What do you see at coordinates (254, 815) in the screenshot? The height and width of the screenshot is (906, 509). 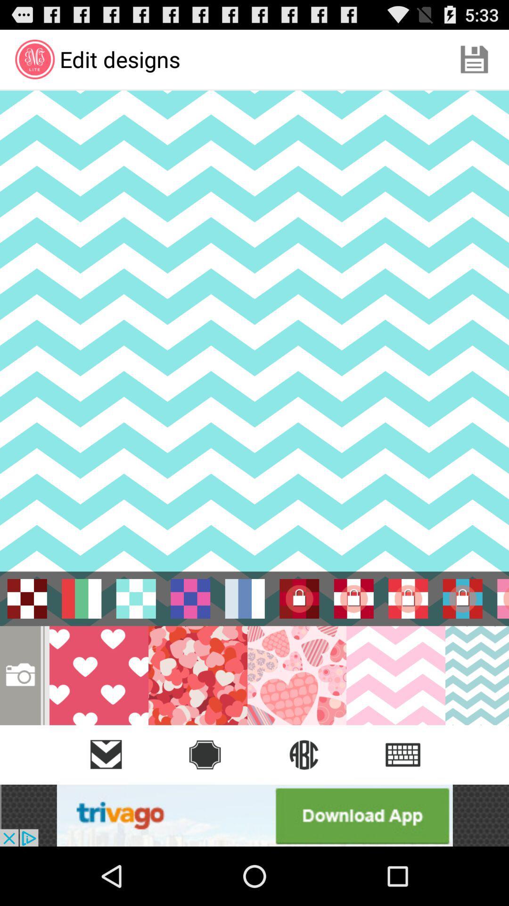 I see `add` at bounding box center [254, 815].